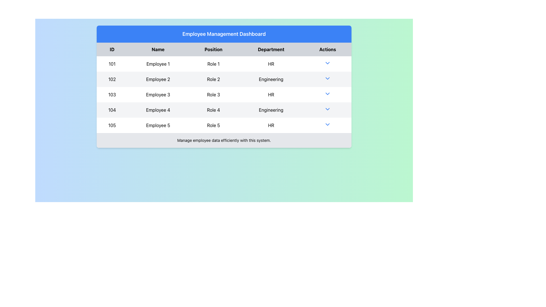 The image size is (546, 307). Describe the element at coordinates (328, 64) in the screenshot. I see `the blue dropdown arrow icon in the 'Actions' column of the first row` at that location.